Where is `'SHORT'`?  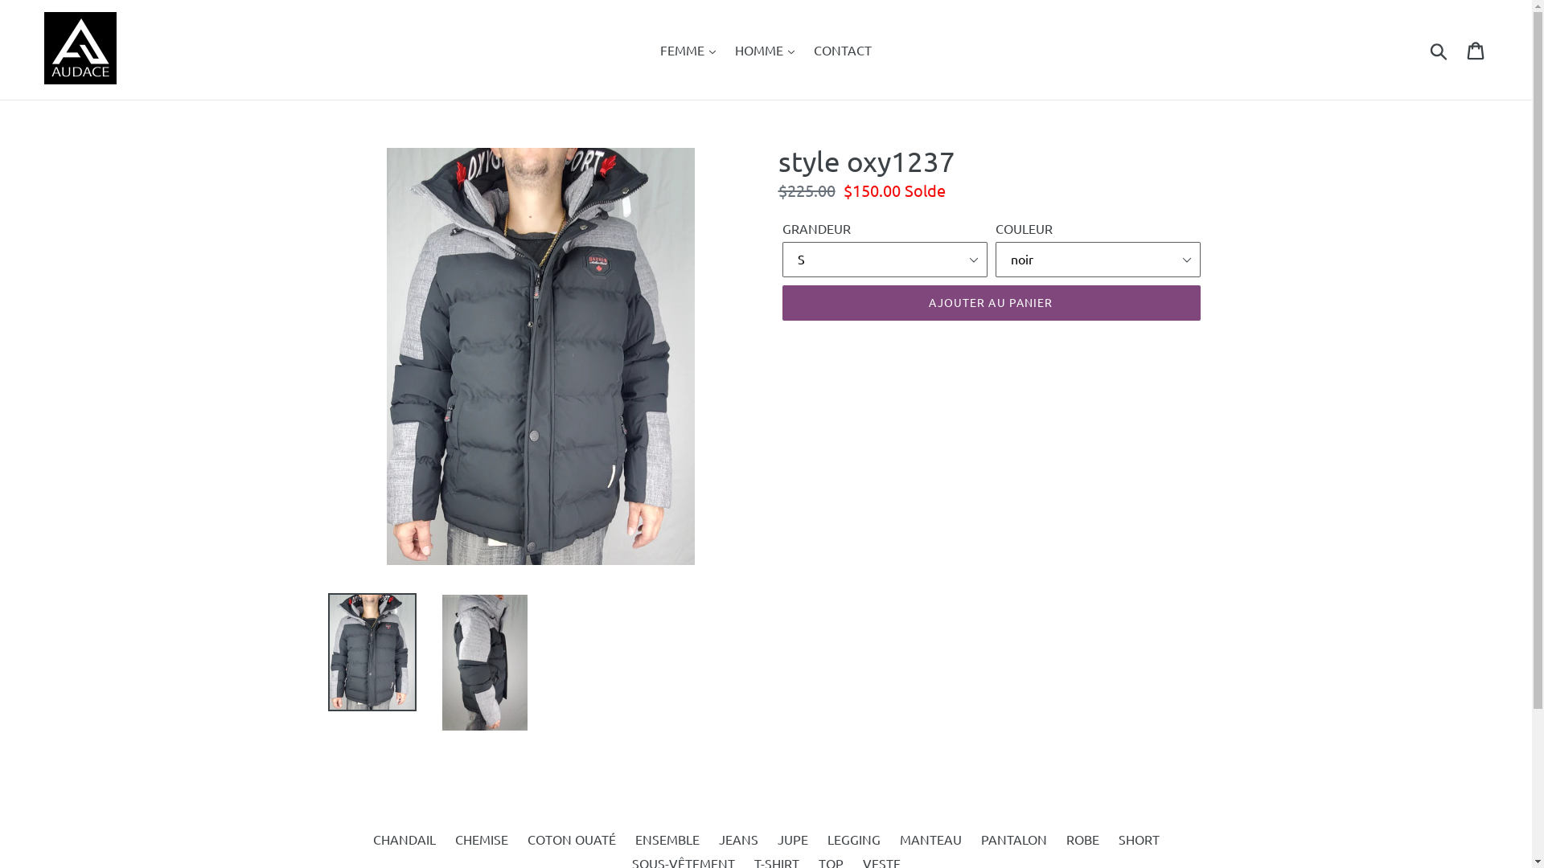
'SHORT' is located at coordinates (1137, 838).